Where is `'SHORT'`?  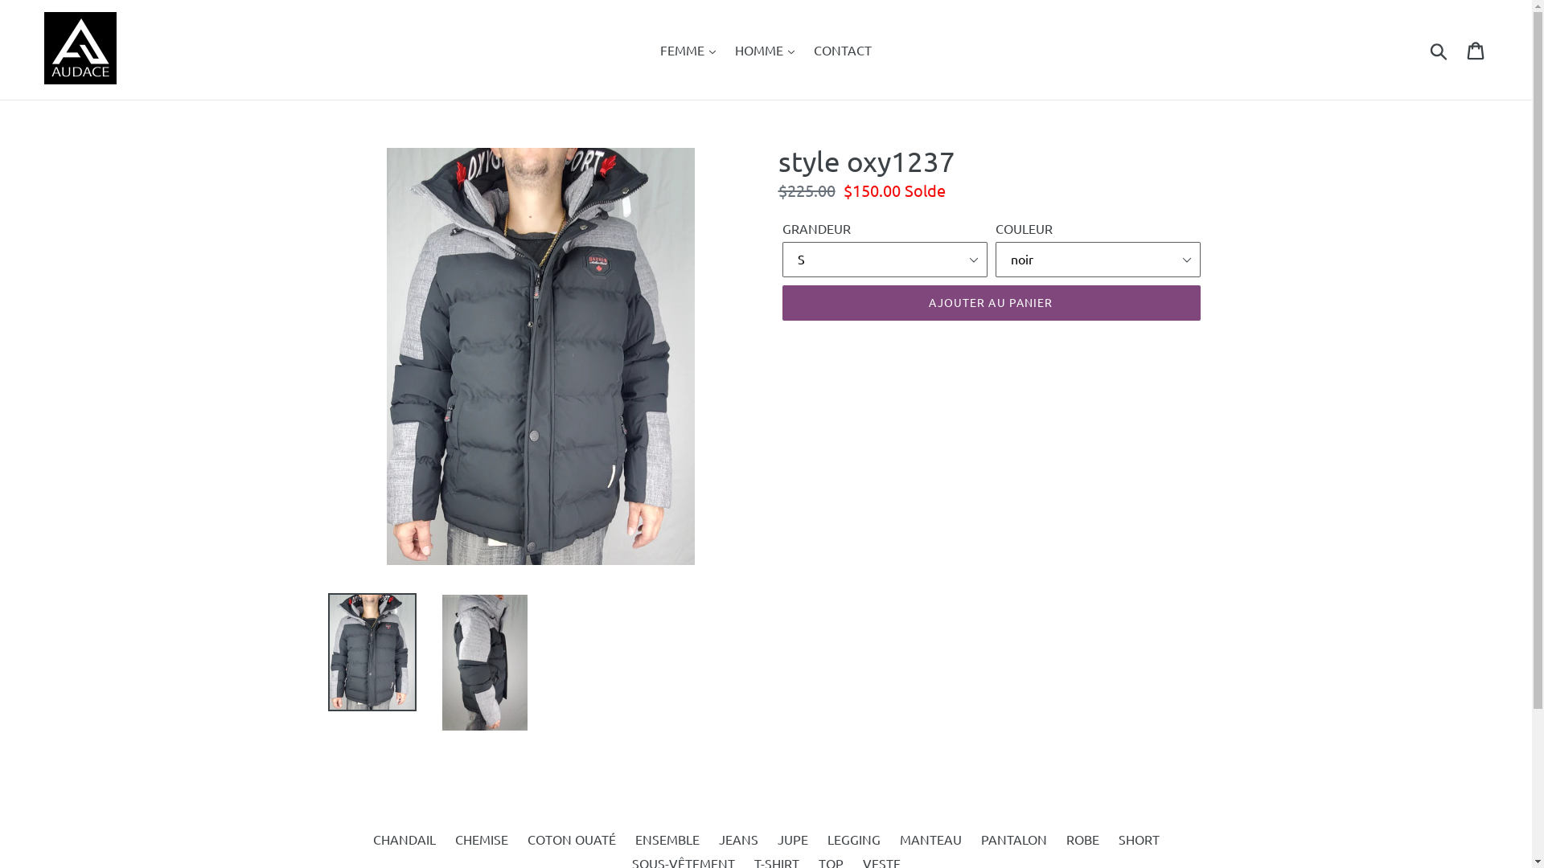
'SHORT' is located at coordinates (1137, 838).